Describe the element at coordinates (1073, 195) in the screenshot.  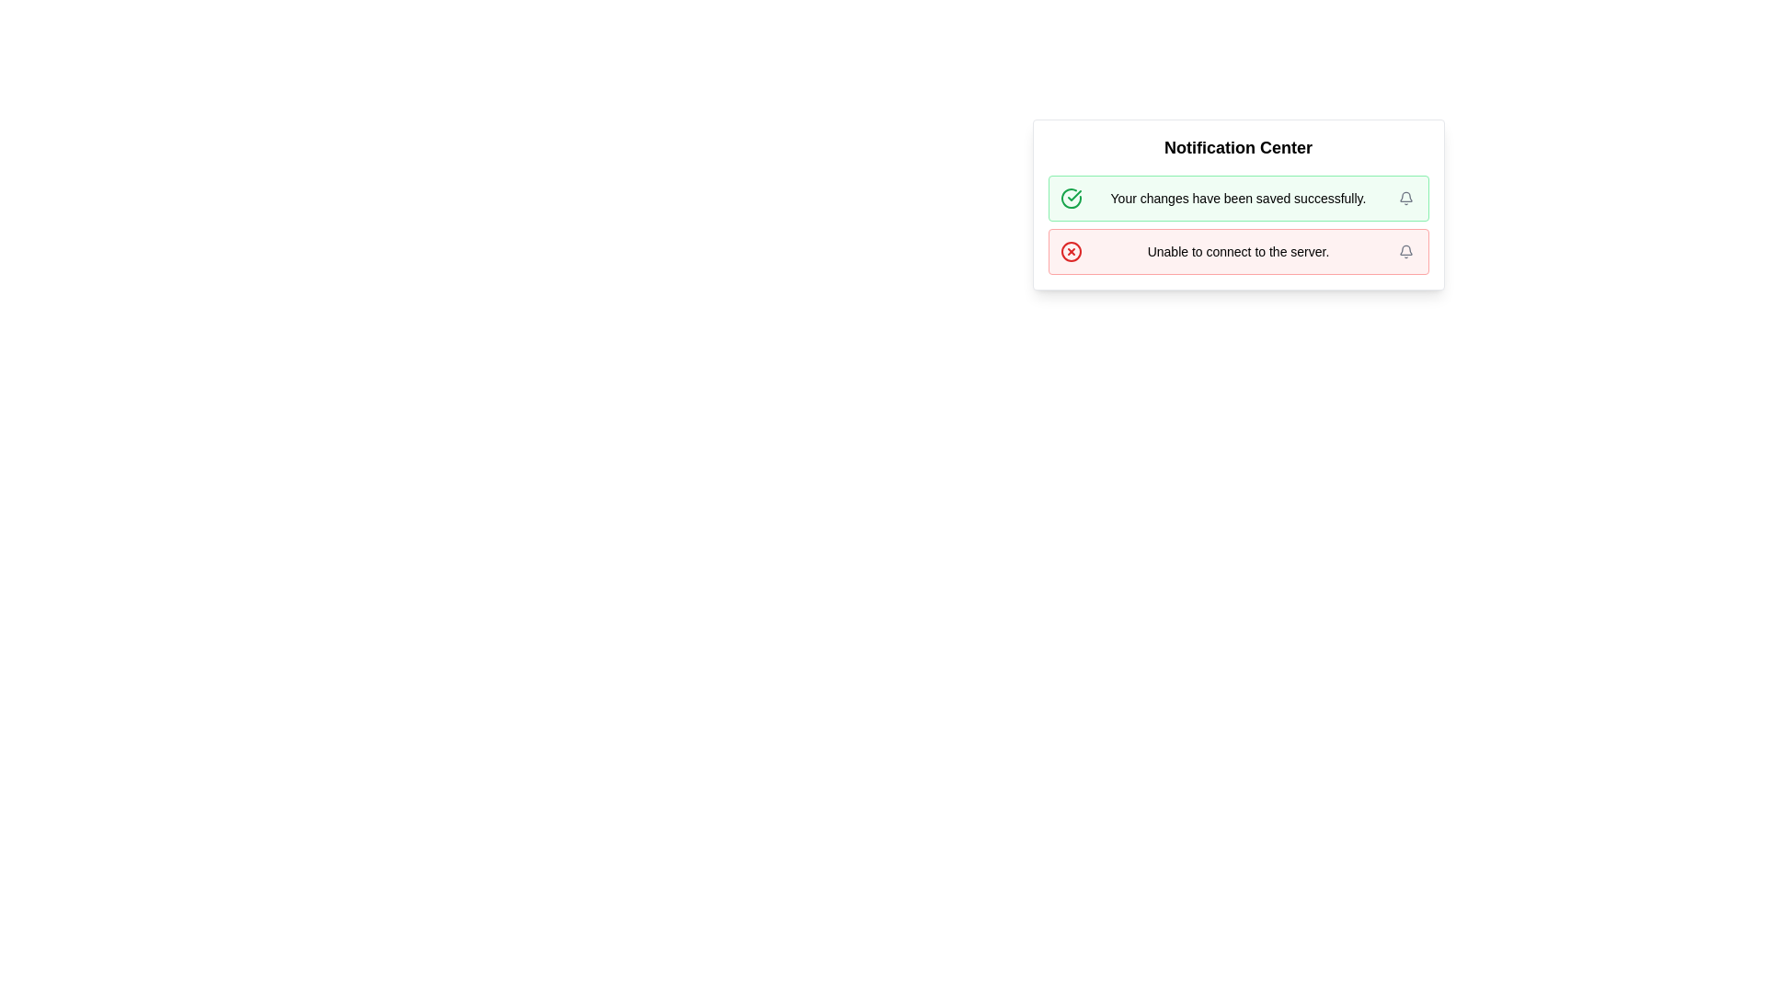
I see `the success icon located to the left of the notification message 'Your changes have been saved successfully' in the Notification Center panel` at that location.